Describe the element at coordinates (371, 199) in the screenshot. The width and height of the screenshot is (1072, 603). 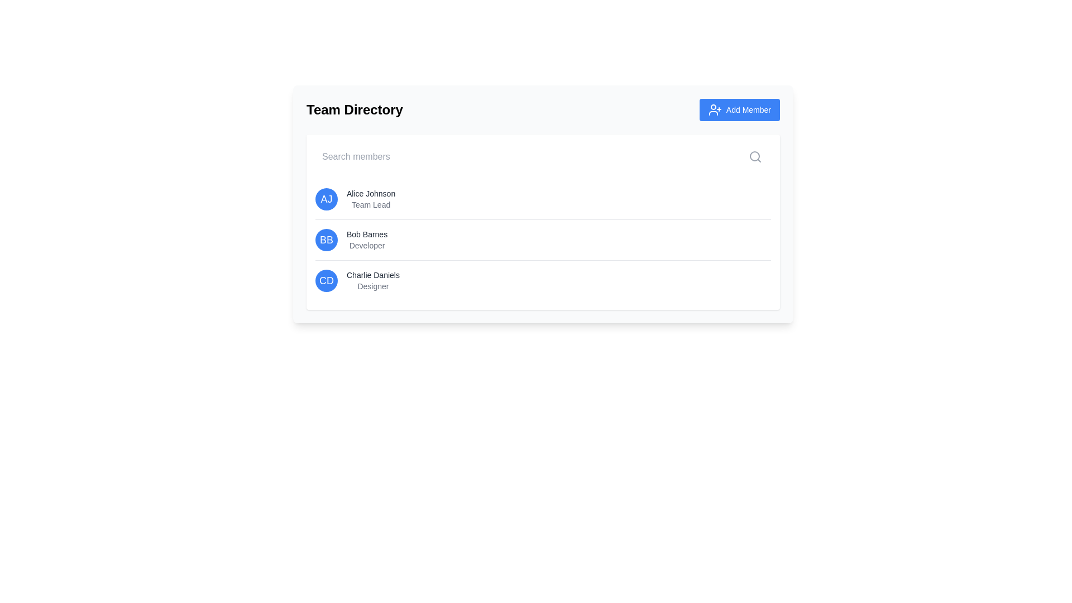
I see `the text block displaying 'Alice Johnson' and 'Team Lead'` at that location.